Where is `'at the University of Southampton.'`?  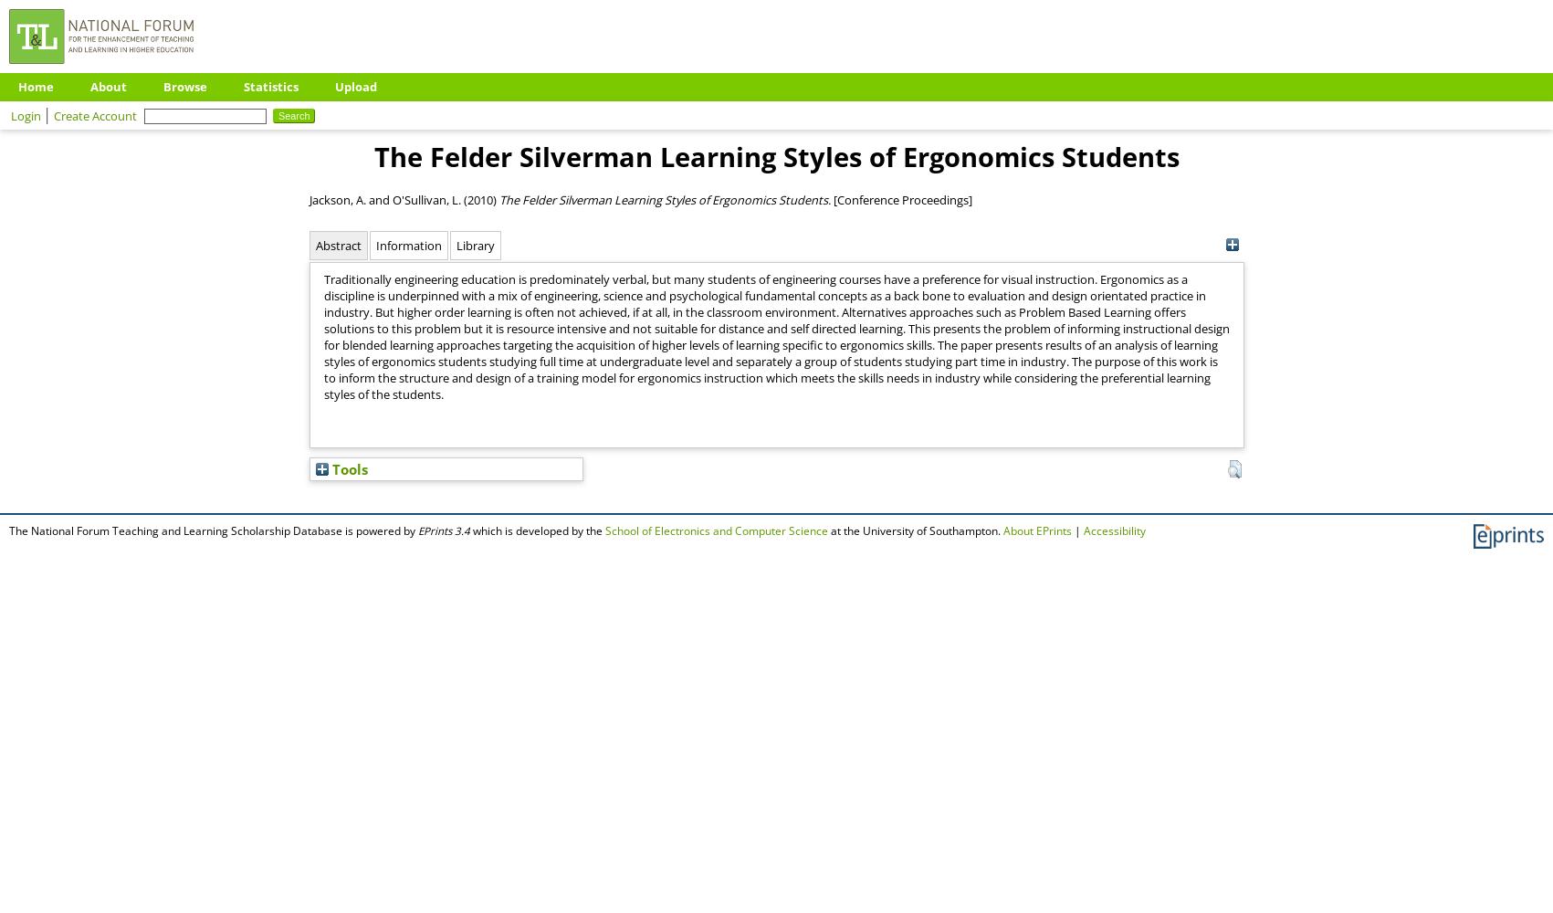 'at the University of Southampton.' is located at coordinates (916, 530).